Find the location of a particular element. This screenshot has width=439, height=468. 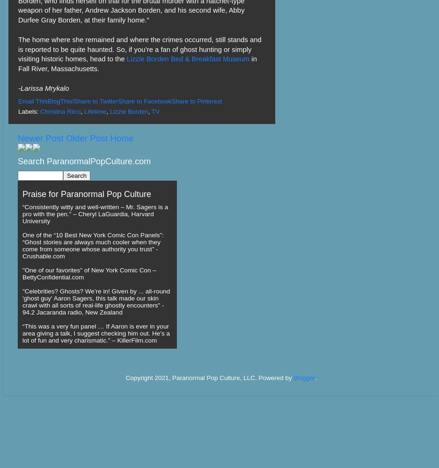

'.' is located at coordinates (315, 378).